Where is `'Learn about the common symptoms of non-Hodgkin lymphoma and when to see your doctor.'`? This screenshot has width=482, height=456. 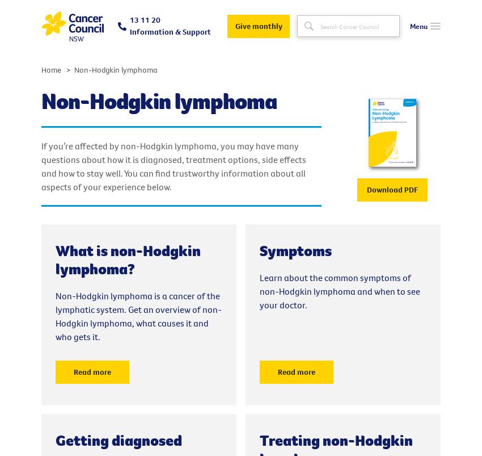 'Learn about the common symptoms of non-Hodgkin lymphoma and when to see your doctor.' is located at coordinates (339, 291).